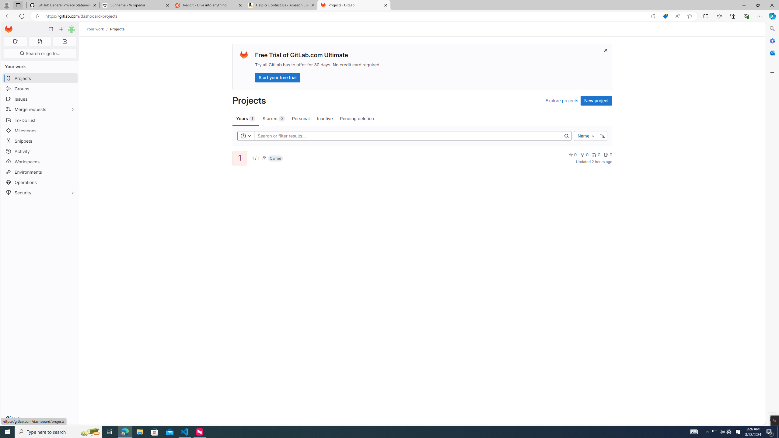  I want to click on 'Sort direction: Ascending', so click(603, 136).